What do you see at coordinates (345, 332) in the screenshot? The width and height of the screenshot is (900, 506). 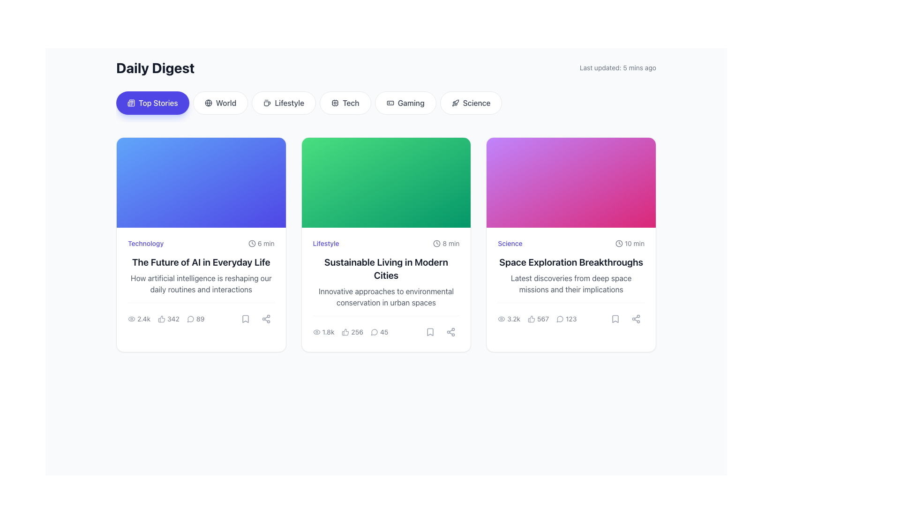 I see `the thumbs-up icon located in the lower section of the card titled 'Sustainable Living in Modern Cities', just before the text '256' that indicates the count of likes or approvals` at bounding box center [345, 332].